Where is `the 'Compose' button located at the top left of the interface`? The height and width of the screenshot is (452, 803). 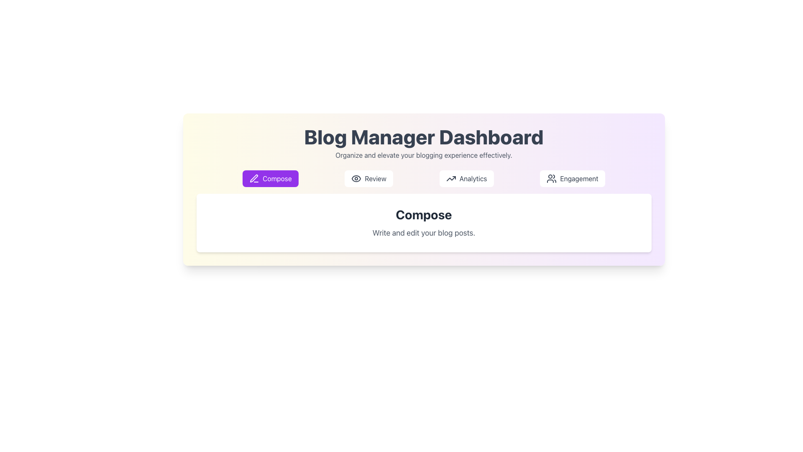
the 'Compose' button located at the top left of the interface is located at coordinates (270, 178).